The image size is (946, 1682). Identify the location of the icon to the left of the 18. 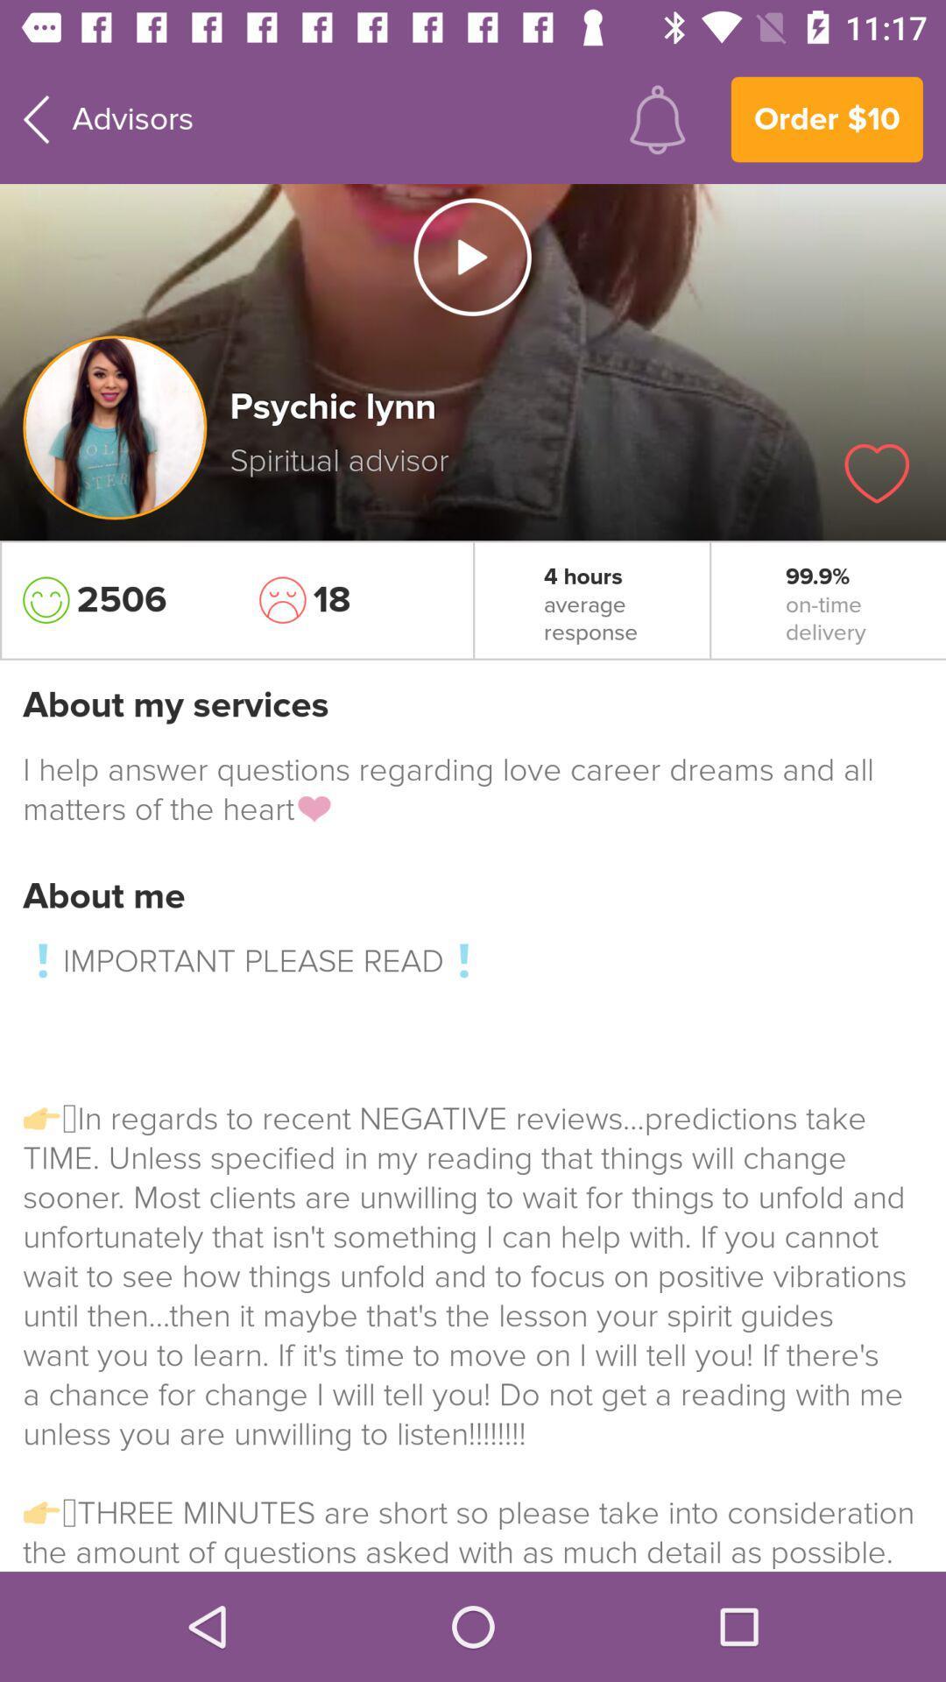
(118, 600).